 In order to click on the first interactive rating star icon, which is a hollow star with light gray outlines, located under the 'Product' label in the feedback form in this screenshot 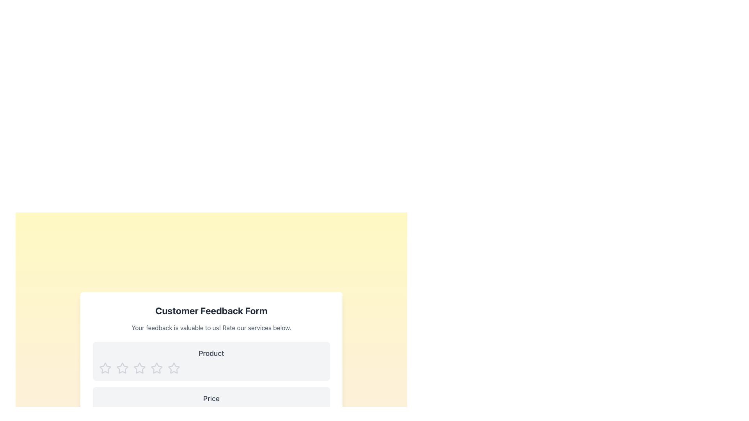, I will do `click(105, 368)`.